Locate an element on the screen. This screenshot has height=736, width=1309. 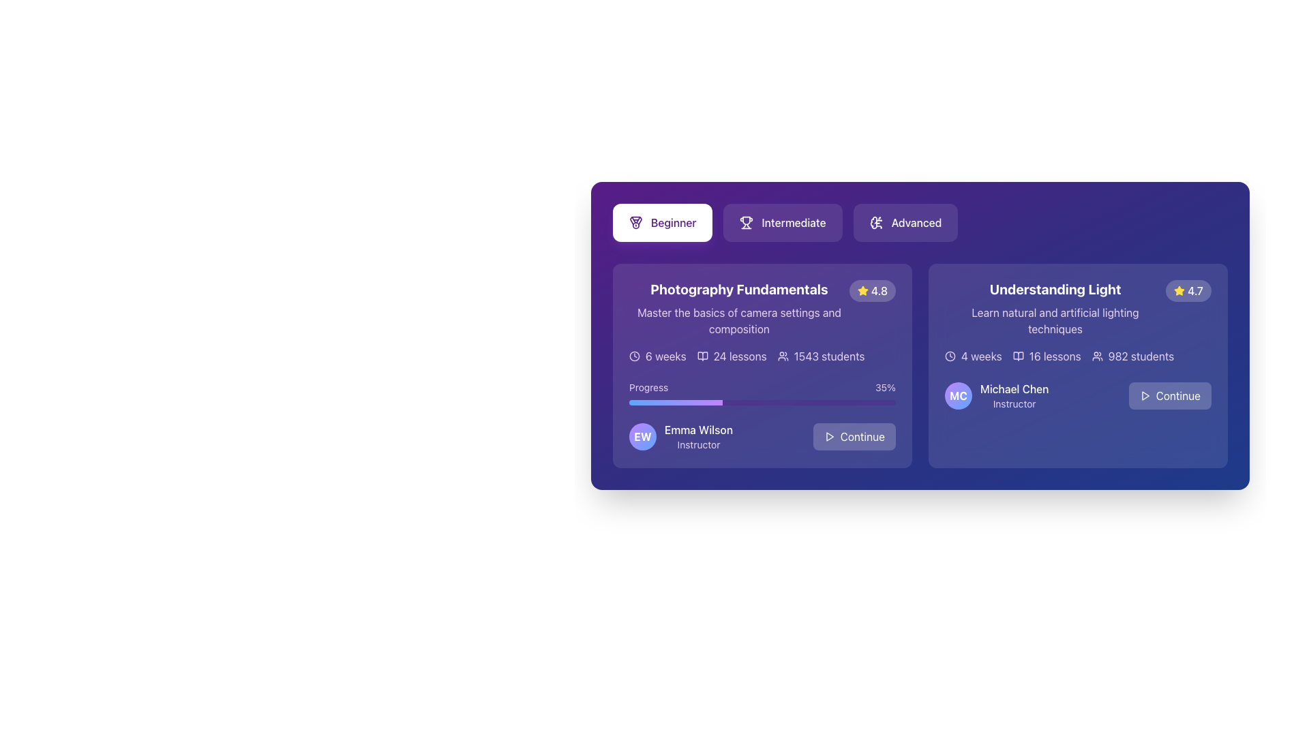
the circular face of the SVG clock icon located within the 'Understanding Light' section, positioned near the '4 weeks' and '16 lessons' text is located at coordinates (949, 356).